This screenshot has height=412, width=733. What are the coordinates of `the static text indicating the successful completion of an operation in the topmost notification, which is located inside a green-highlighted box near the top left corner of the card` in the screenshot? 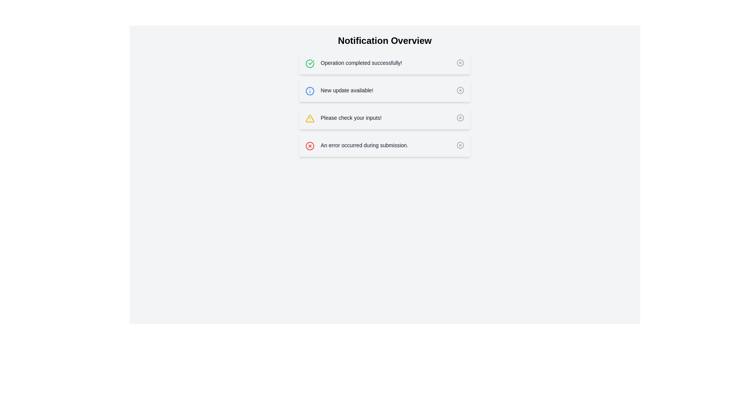 It's located at (361, 63).